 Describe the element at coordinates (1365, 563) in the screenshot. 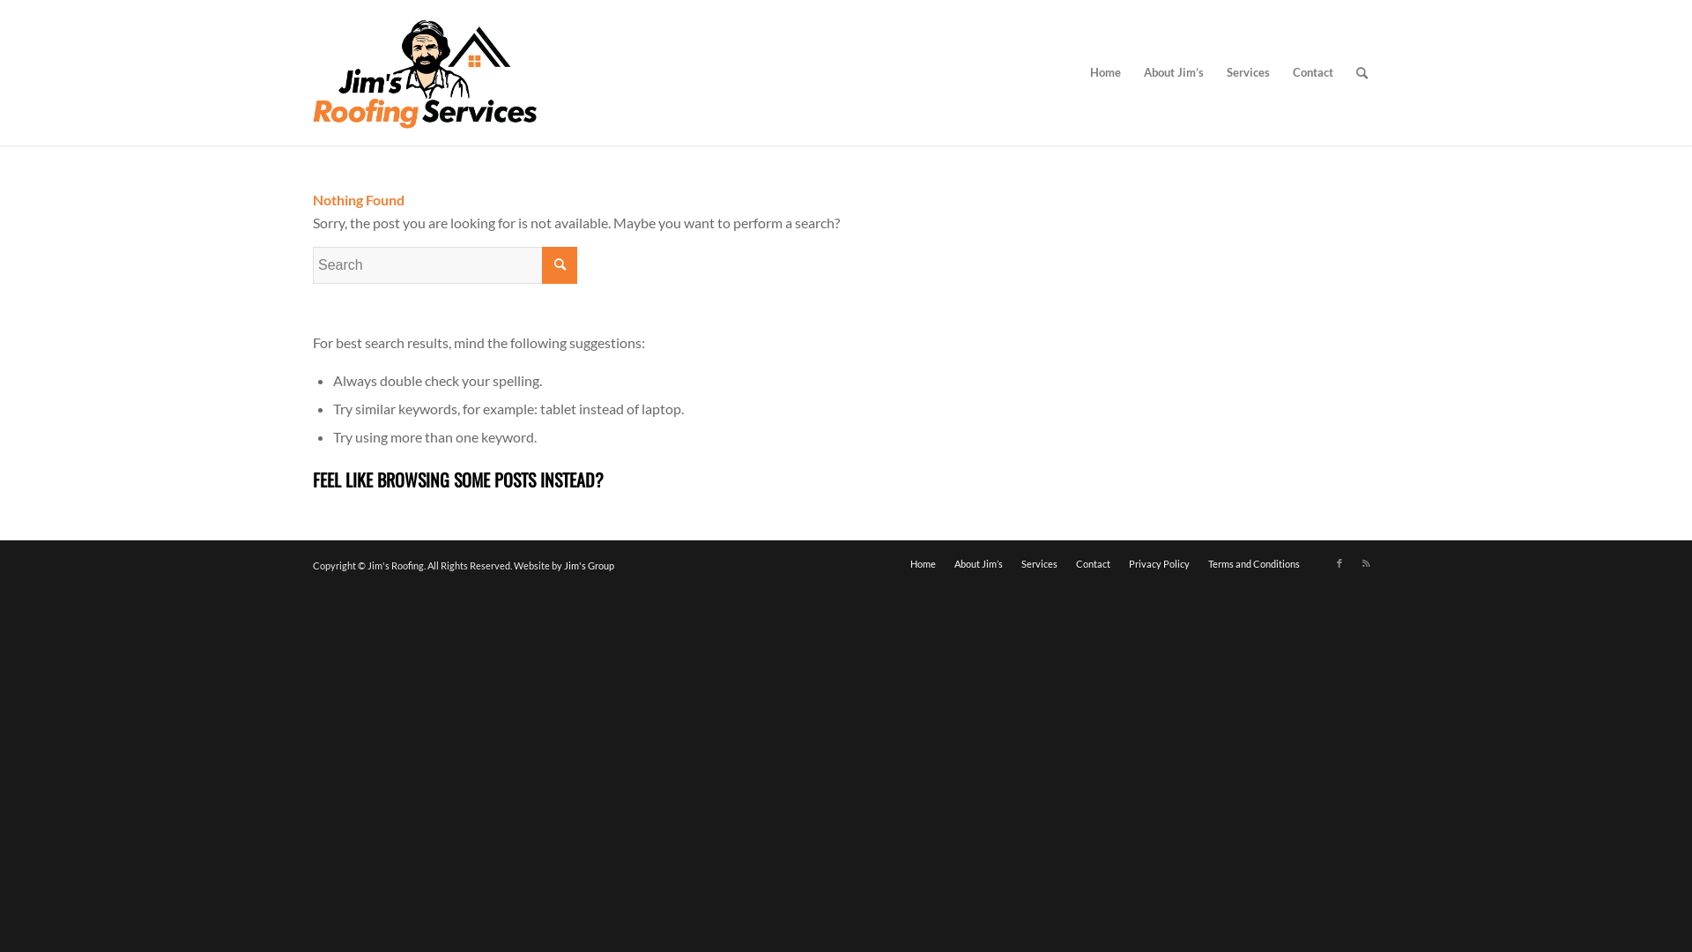

I see `'Rss'` at that location.